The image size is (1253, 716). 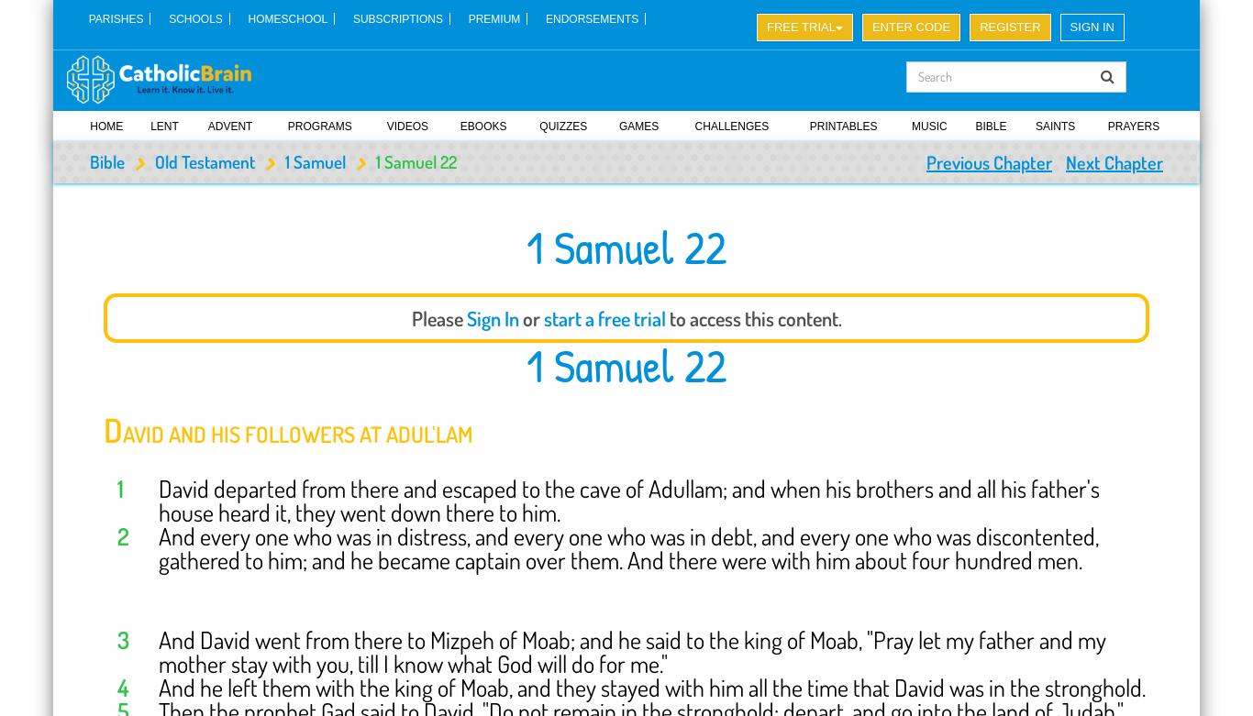 What do you see at coordinates (438, 317) in the screenshot?
I see `'Please'` at bounding box center [438, 317].